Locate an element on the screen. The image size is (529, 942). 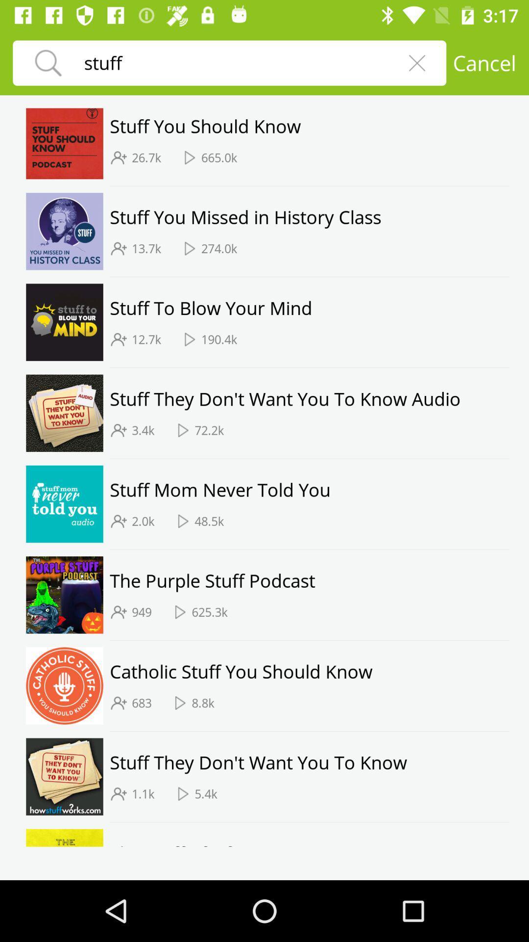
clear the input text clear the search input is located at coordinates (417, 62).